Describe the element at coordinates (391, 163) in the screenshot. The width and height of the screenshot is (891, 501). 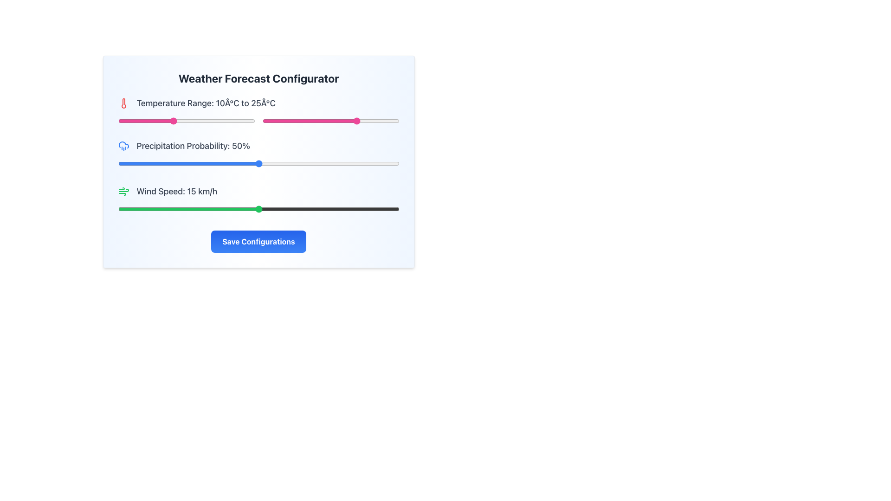
I see `precipitation probability` at that location.